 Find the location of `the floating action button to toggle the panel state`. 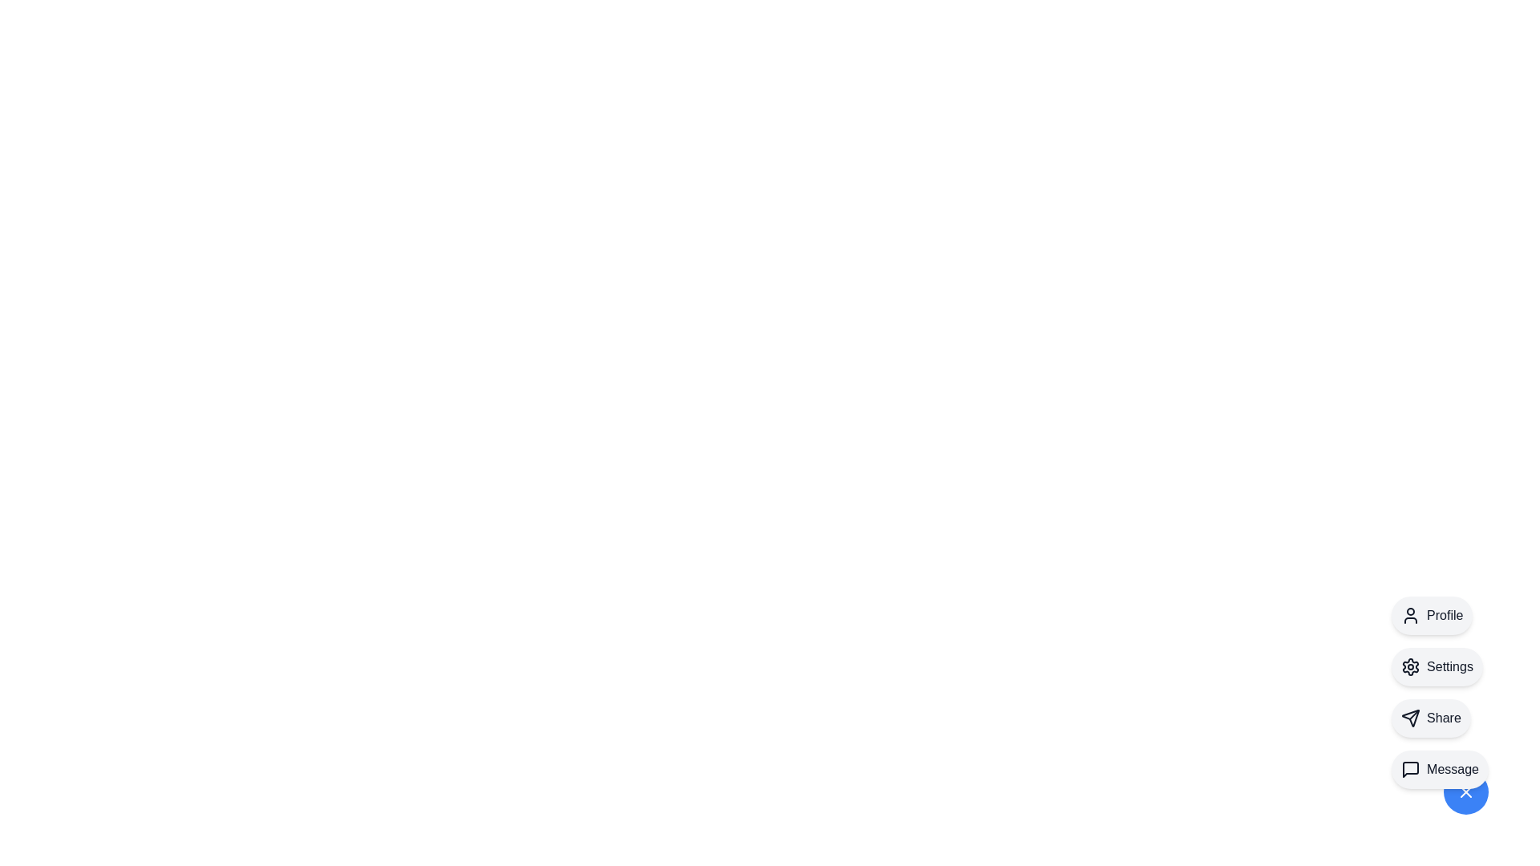

the floating action button to toggle the panel state is located at coordinates (1466, 791).